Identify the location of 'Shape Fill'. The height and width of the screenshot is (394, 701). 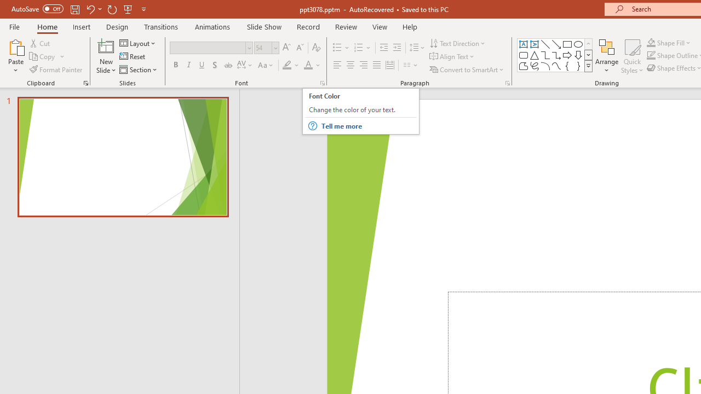
(668, 42).